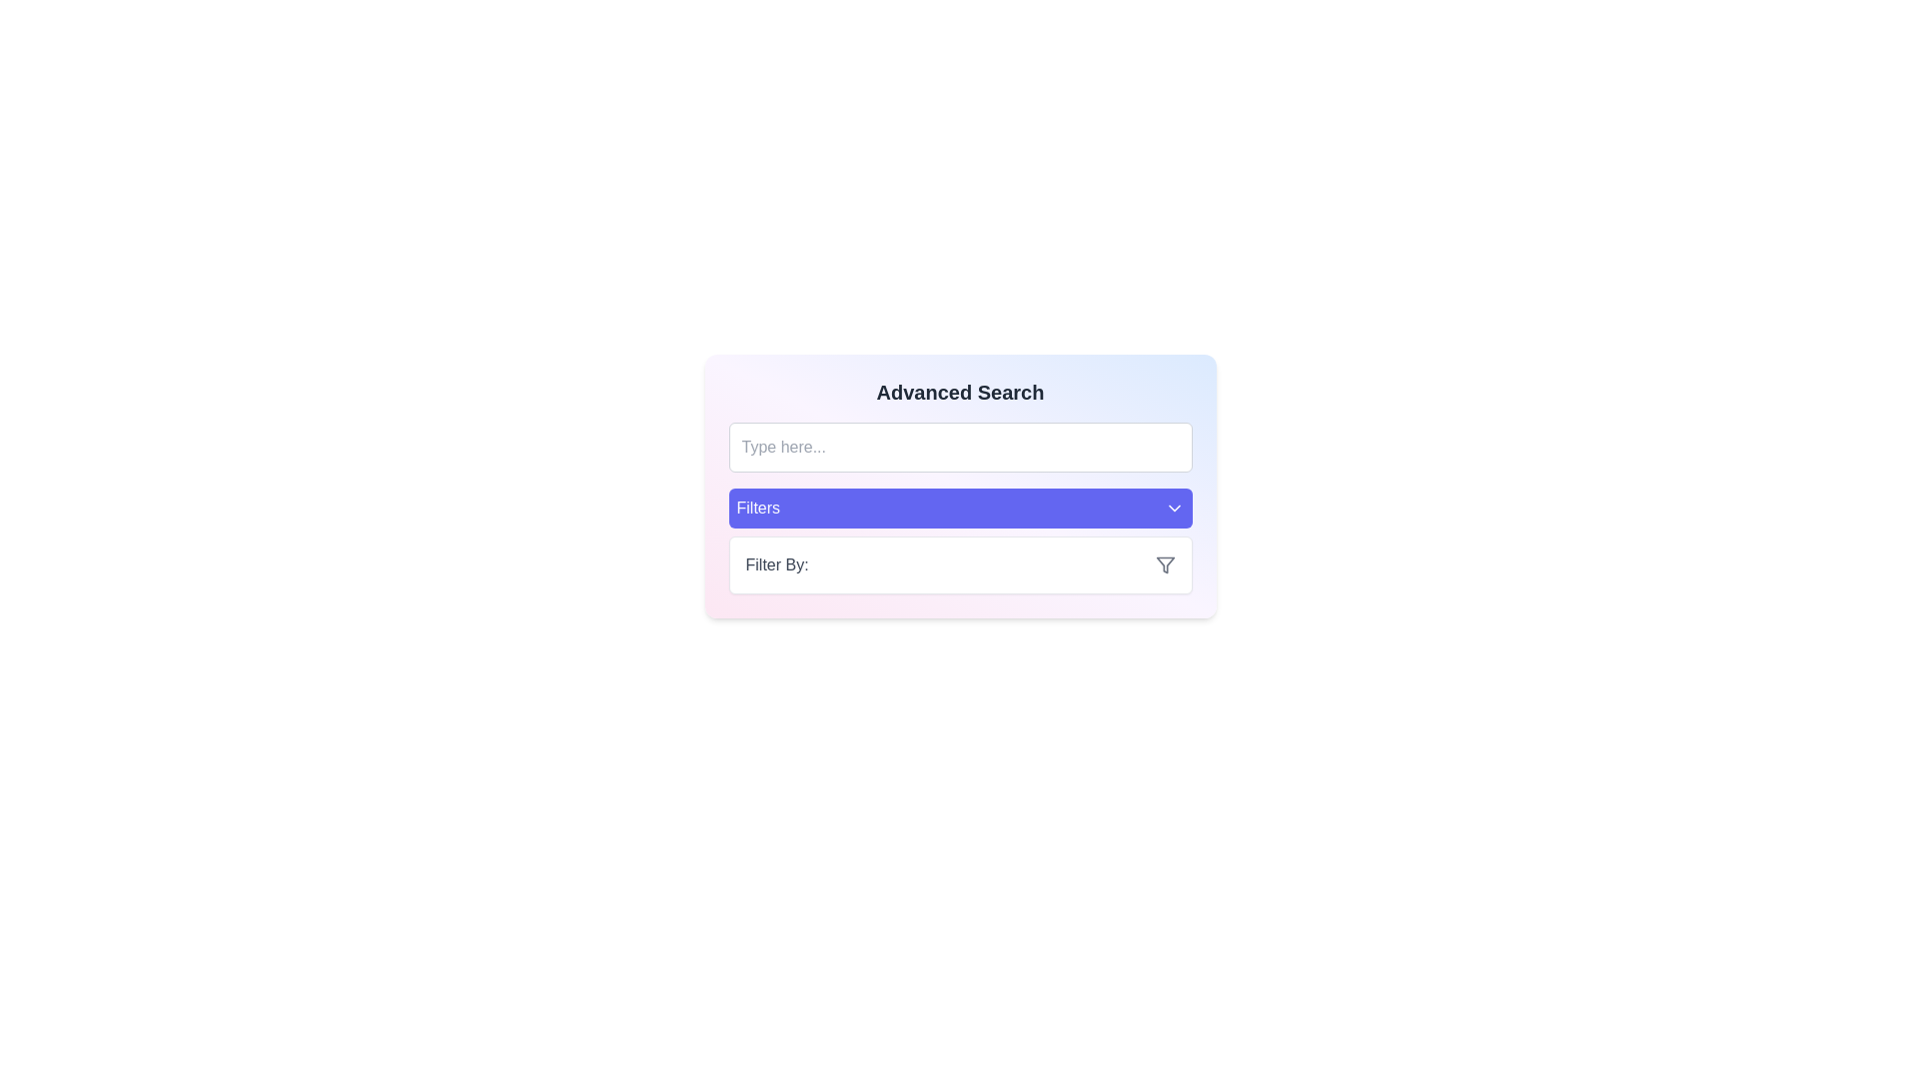 The width and height of the screenshot is (1918, 1079). I want to click on the filter option icon located to the far right of the 'Filter By:' text, so click(1165, 565).